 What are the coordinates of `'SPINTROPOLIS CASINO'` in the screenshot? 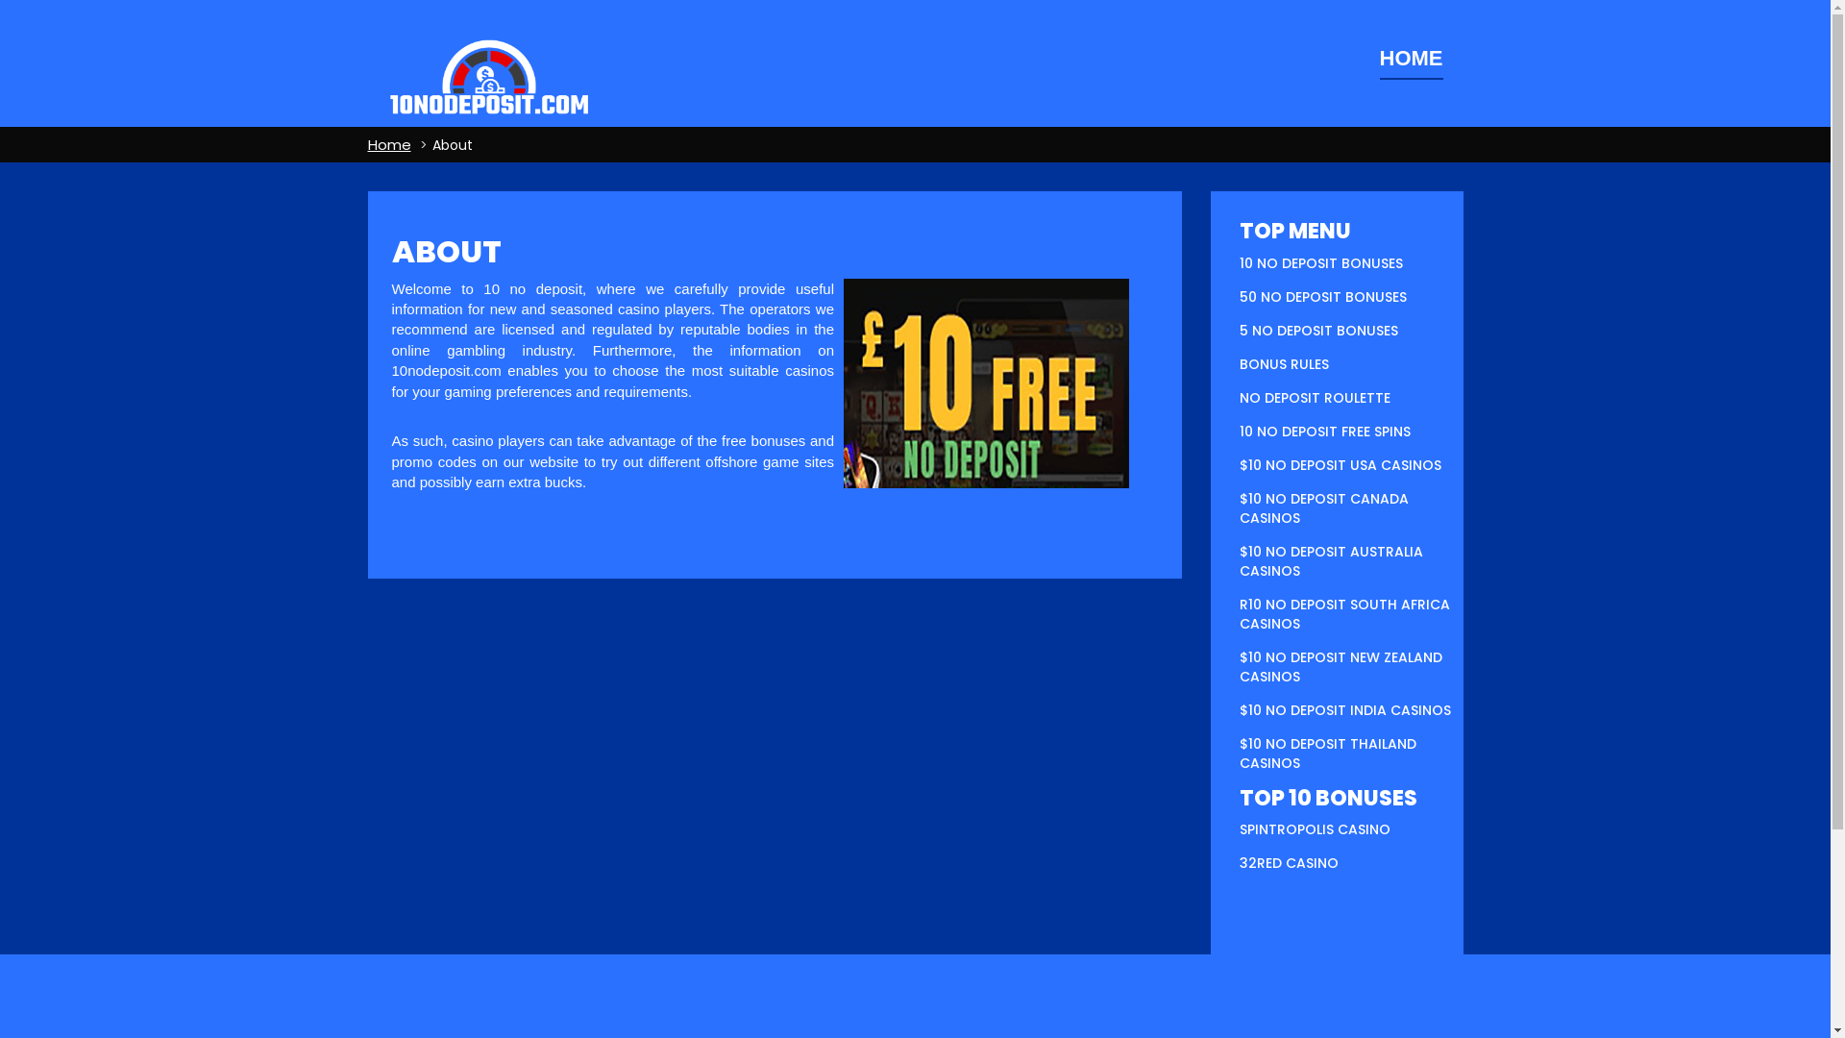 It's located at (1314, 828).